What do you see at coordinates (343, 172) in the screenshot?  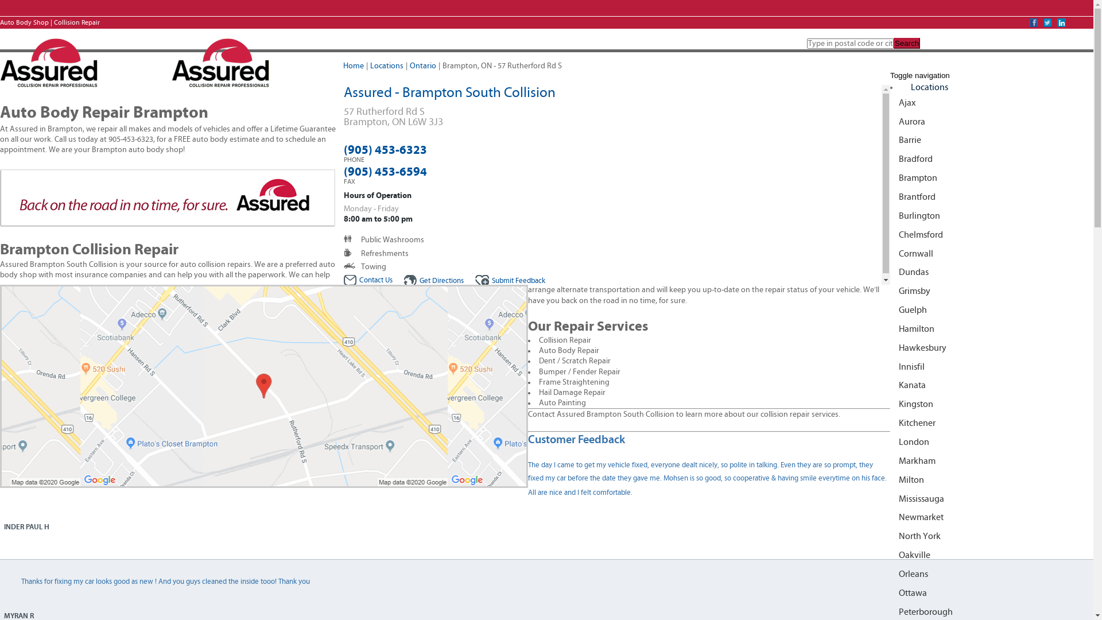 I see `'(905) 453-6594'` at bounding box center [343, 172].